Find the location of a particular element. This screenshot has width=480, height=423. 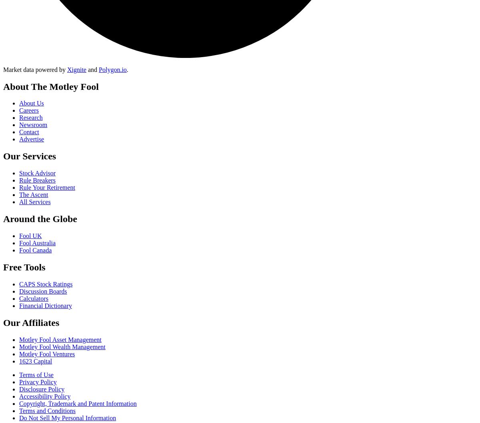

'.' is located at coordinates (127, 69).